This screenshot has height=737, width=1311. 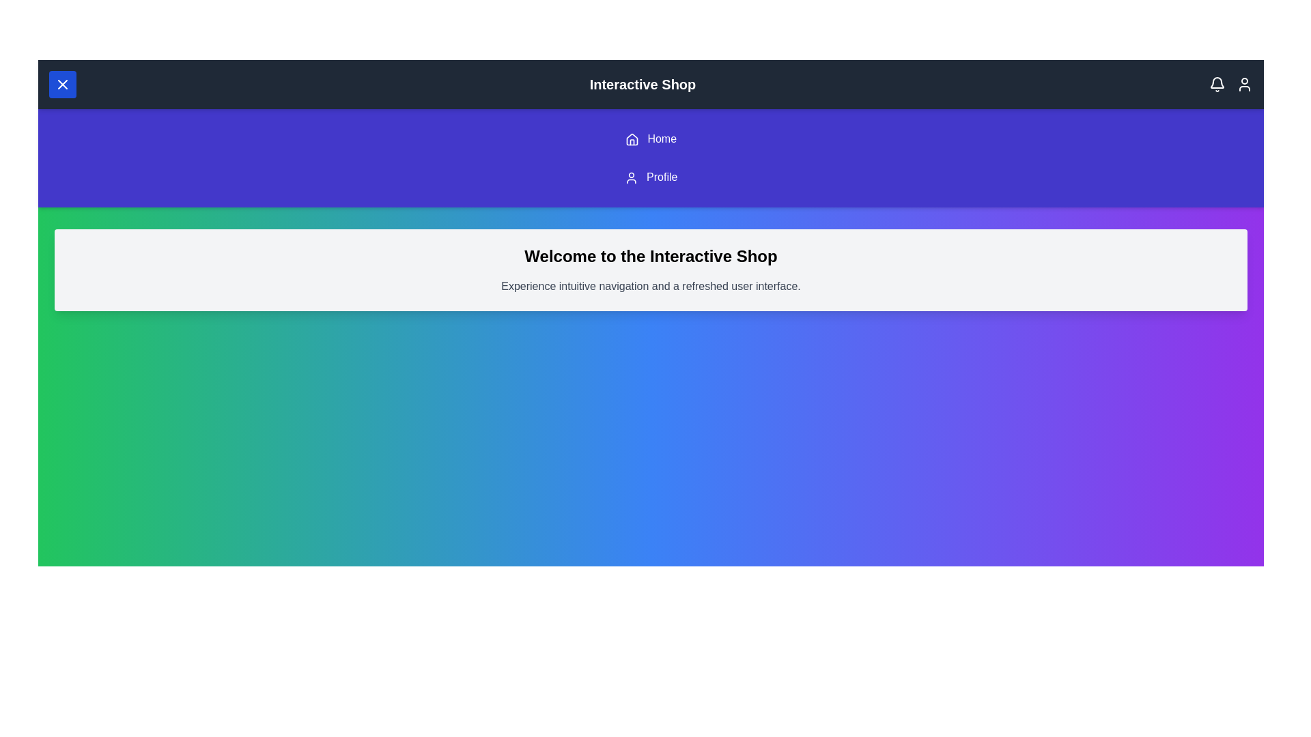 What do you see at coordinates (1217, 84) in the screenshot?
I see `the notification bell icon` at bounding box center [1217, 84].